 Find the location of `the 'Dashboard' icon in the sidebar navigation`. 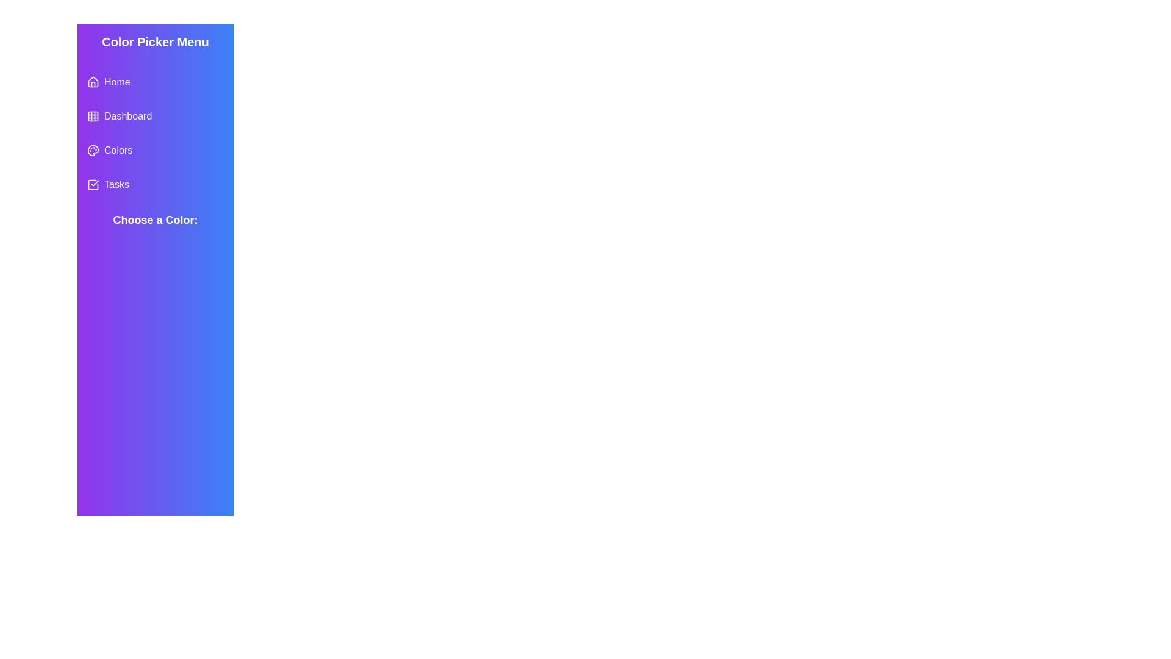

the 'Dashboard' icon in the sidebar navigation is located at coordinates (93, 117).